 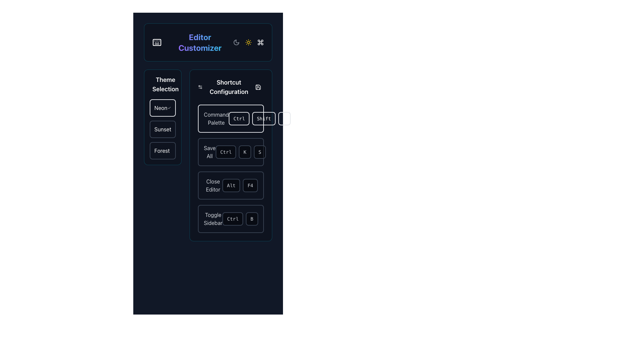 I want to click on the 'Close Editor' text label in the 'Shortcut Configuration' section, which is styled in gray color, so click(x=213, y=186).